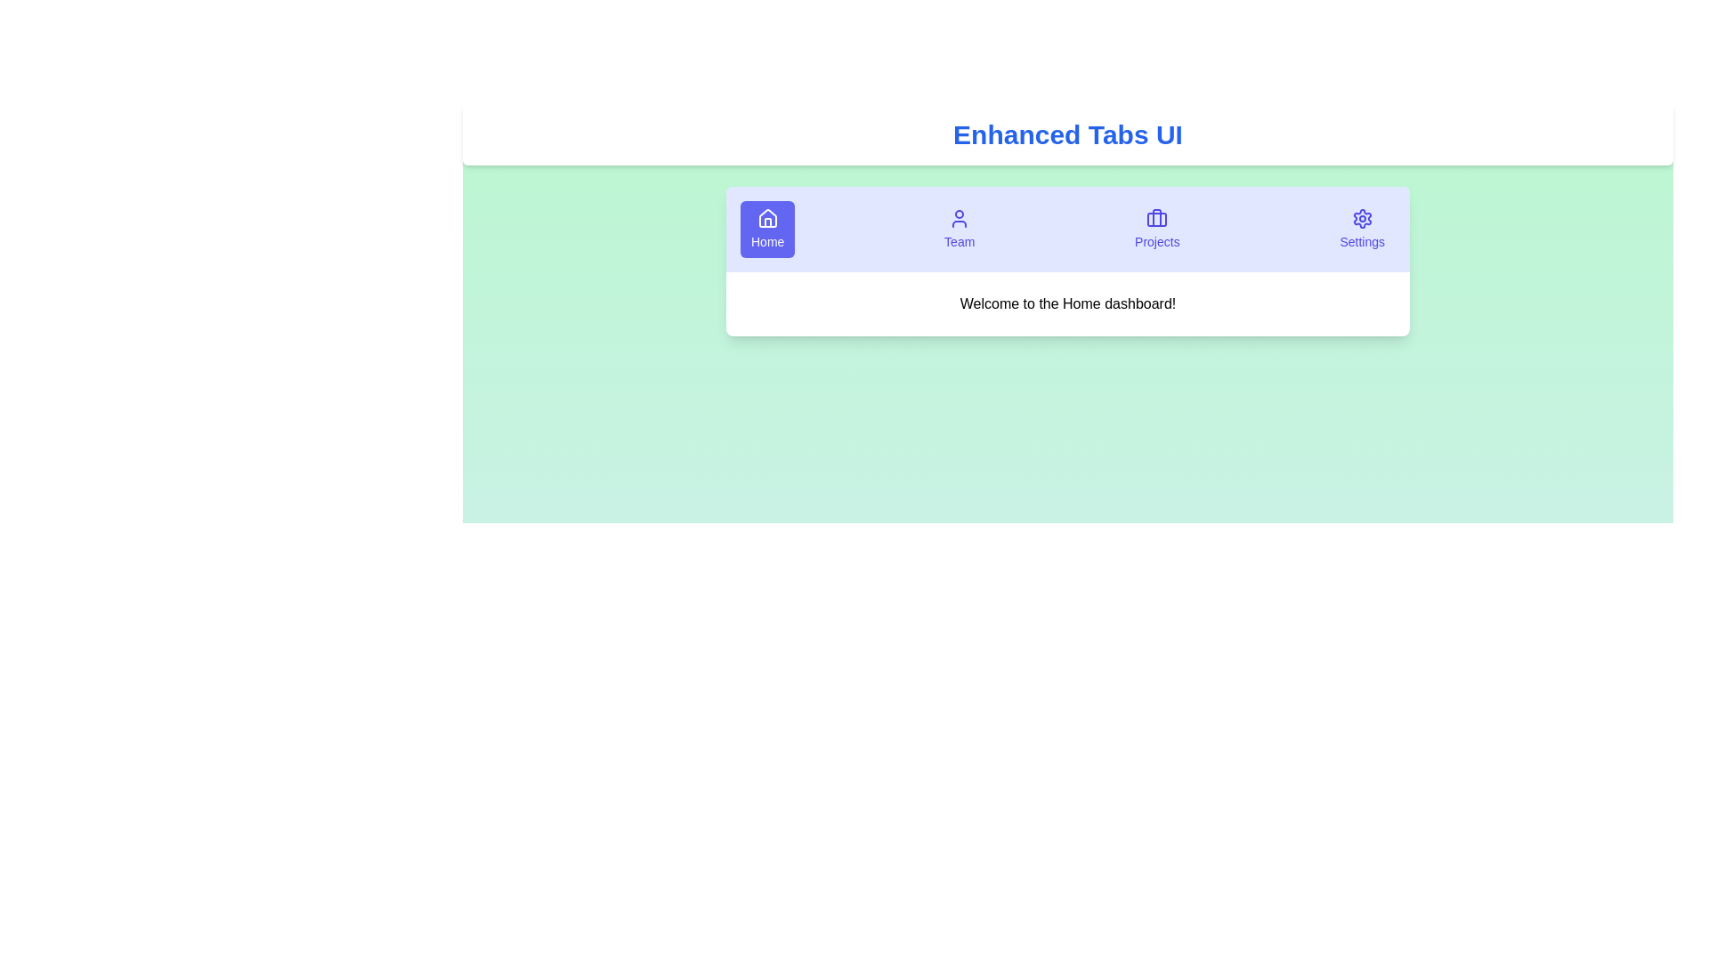 Image resolution: width=1709 pixels, height=961 pixels. Describe the element at coordinates (959, 229) in the screenshot. I see `the 'Team' button located at the center of the horizontal navigation bar` at that location.